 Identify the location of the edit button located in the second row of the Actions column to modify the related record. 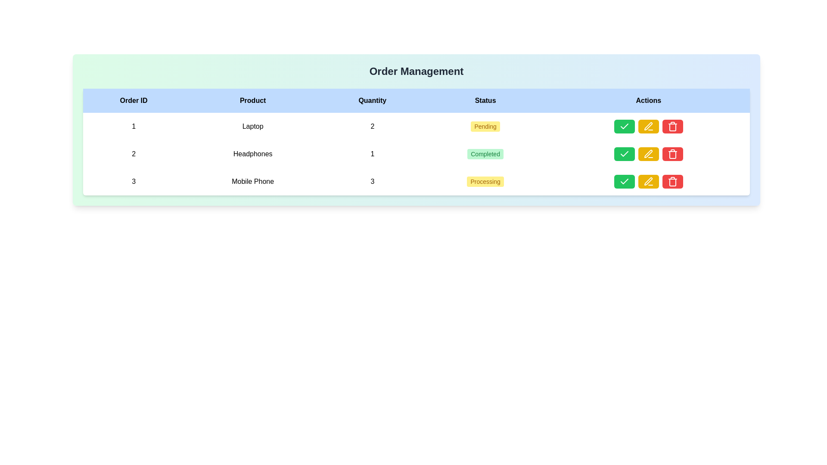
(648, 154).